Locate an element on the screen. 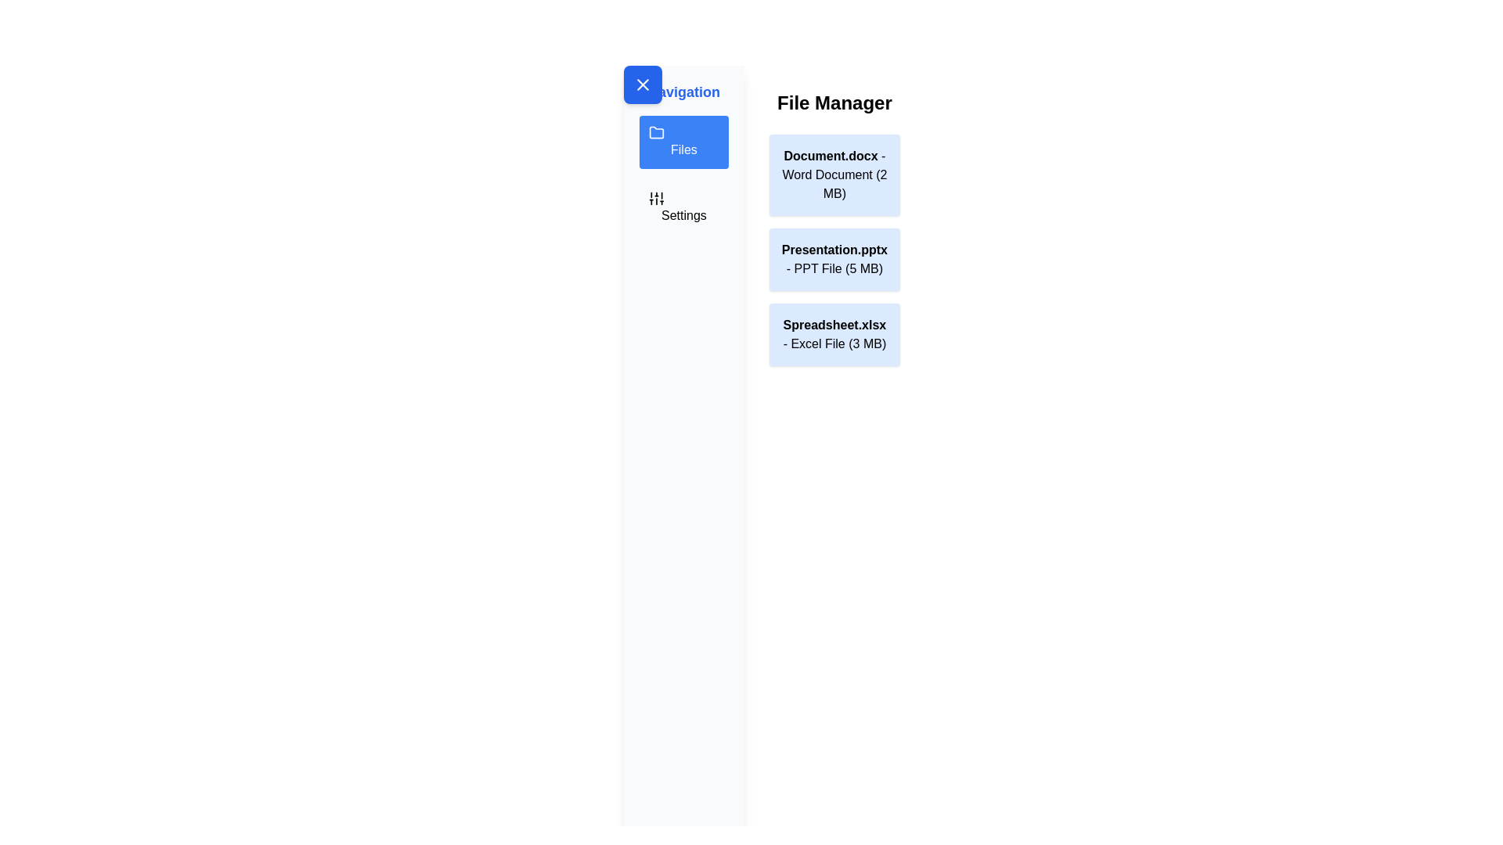 This screenshot has width=1503, height=845. the second static informational card that displays 'Presentation.pptx' in bold and describes the file as 'PPT File (5 MB)' in the 'File Manager' section is located at coordinates (834, 258).